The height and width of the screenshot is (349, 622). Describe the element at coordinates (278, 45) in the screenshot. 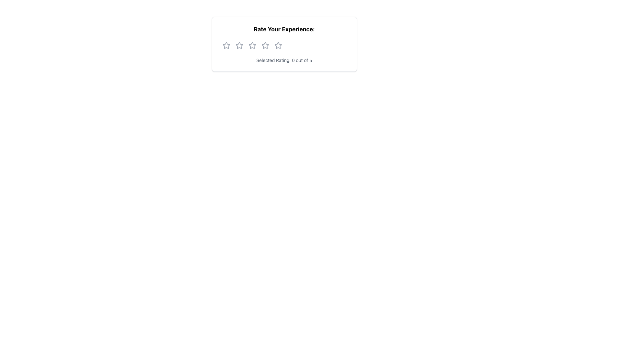

I see `the fifth star icon in the 'Rate Your Experience' section` at that location.